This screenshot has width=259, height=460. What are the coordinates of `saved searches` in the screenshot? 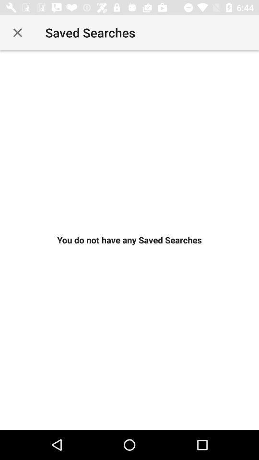 It's located at (17, 33).